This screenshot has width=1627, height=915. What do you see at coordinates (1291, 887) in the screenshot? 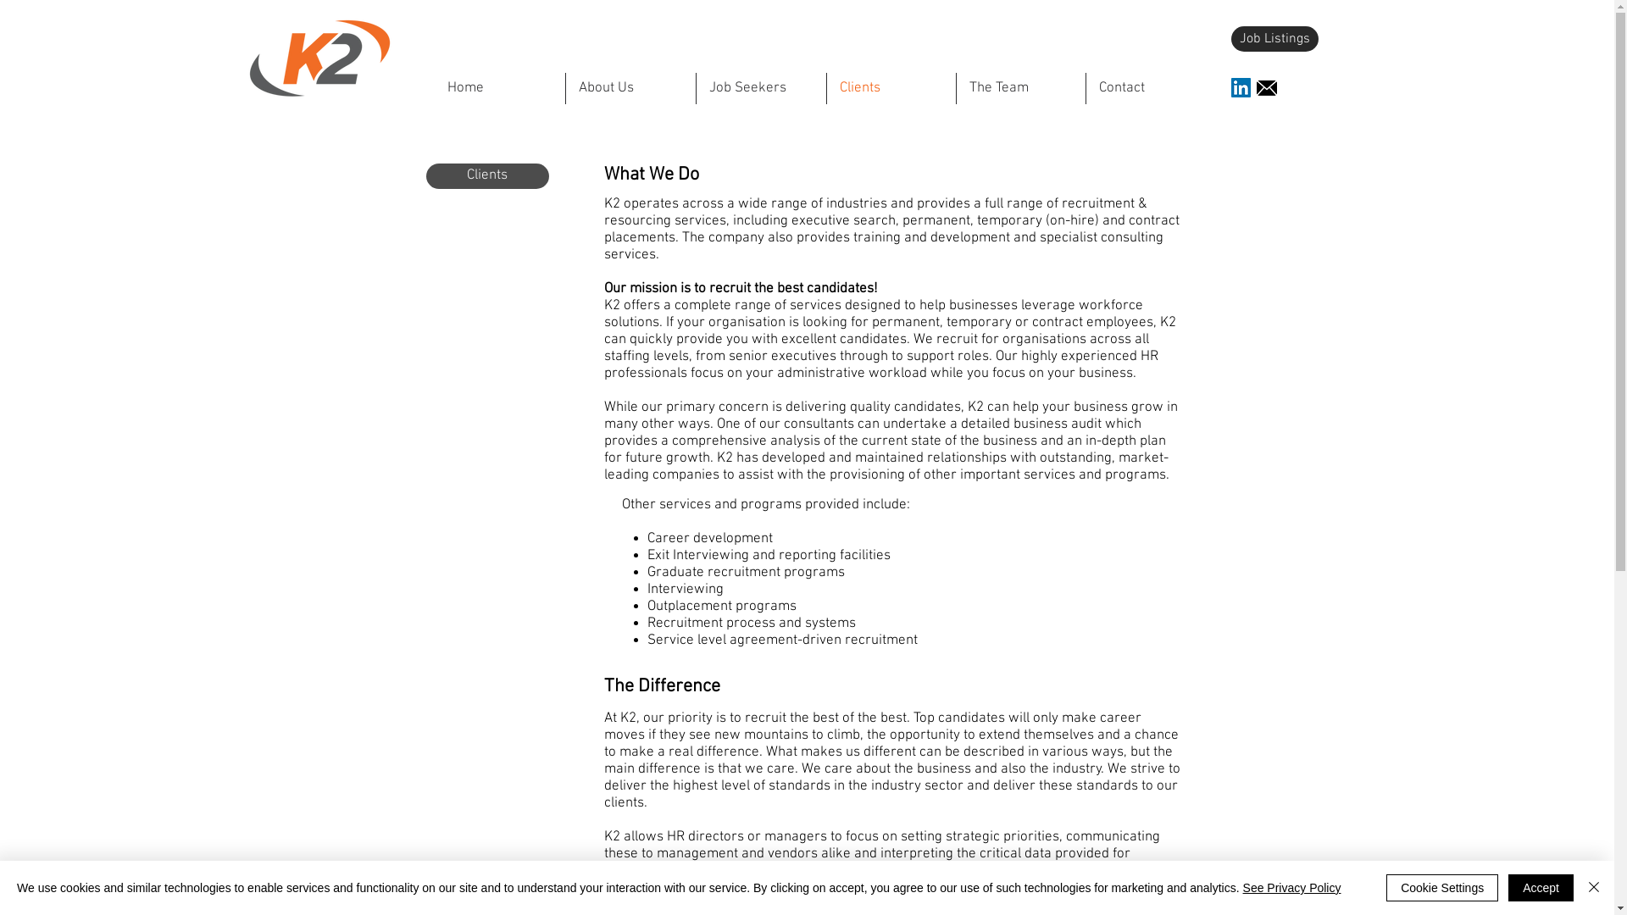
I see `'See Privacy Policy'` at bounding box center [1291, 887].